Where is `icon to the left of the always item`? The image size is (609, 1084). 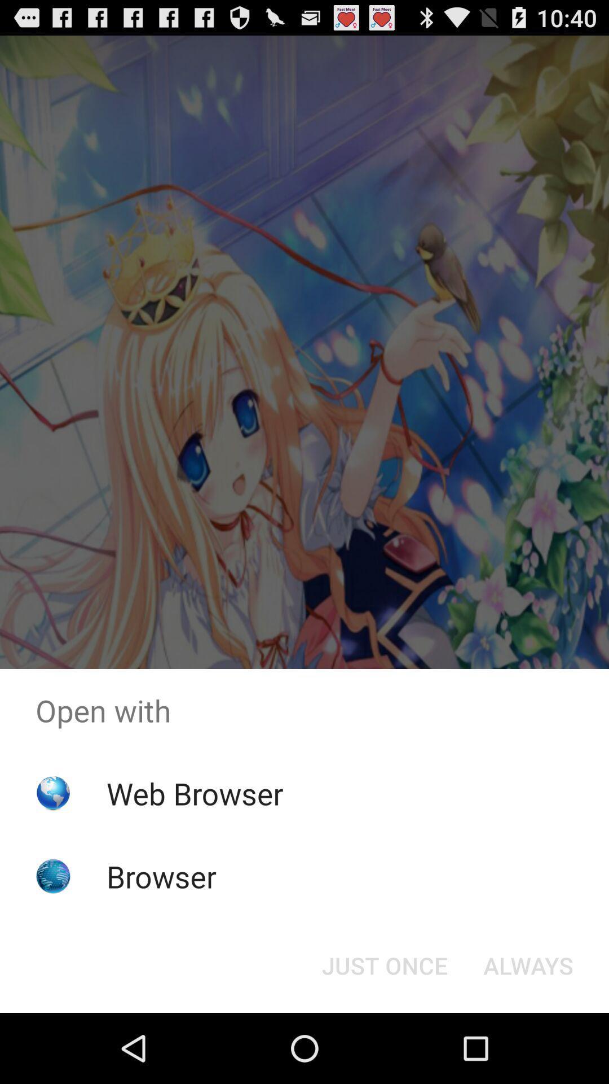 icon to the left of the always item is located at coordinates (384, 964).